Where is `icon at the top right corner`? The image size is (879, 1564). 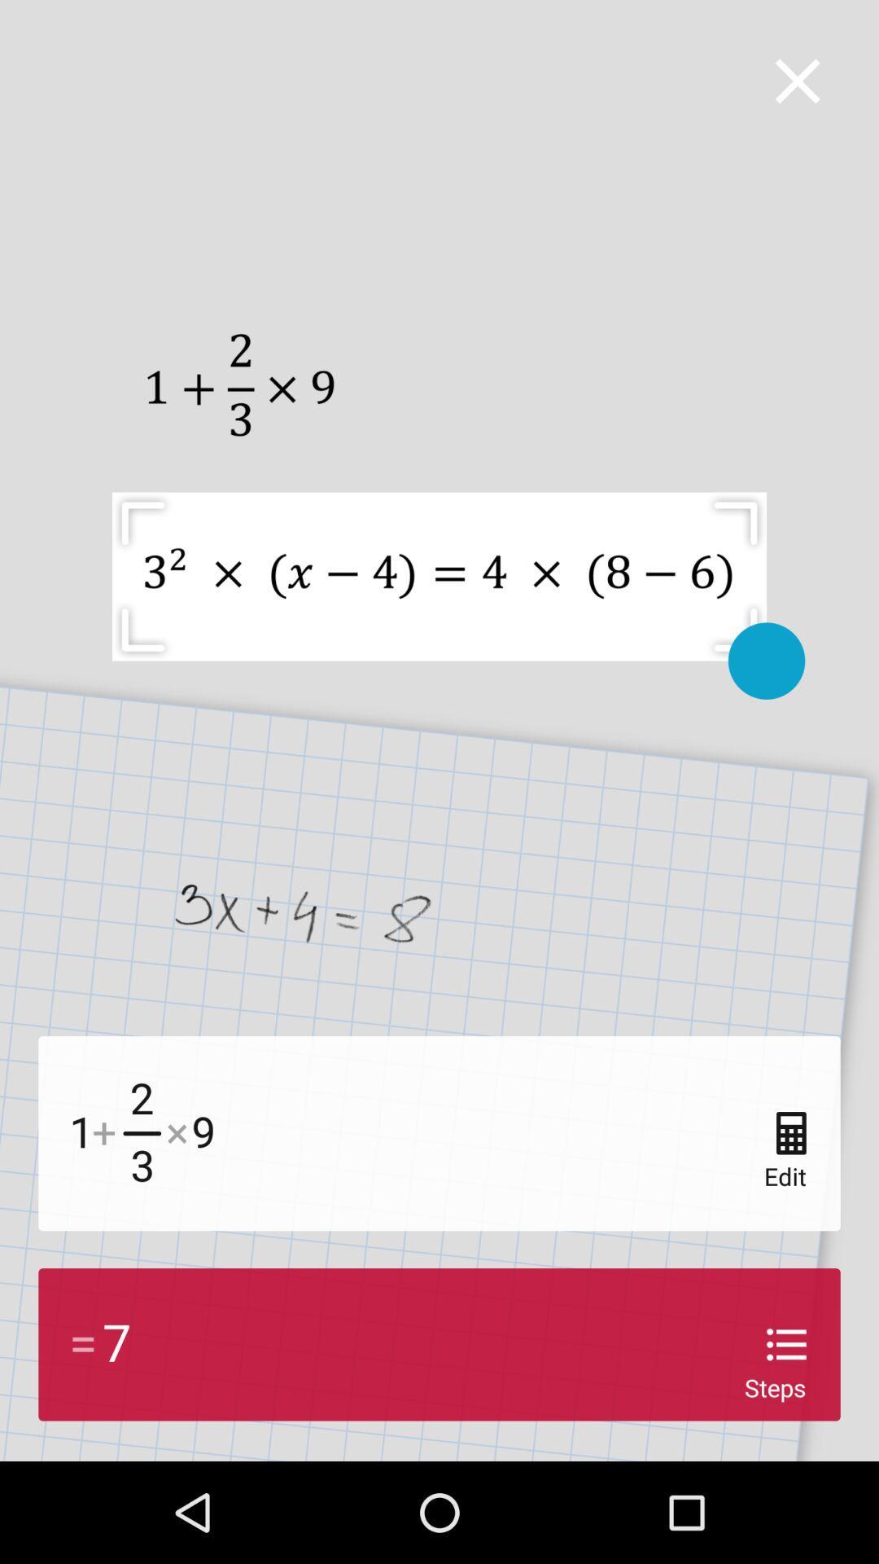 icon at the top right corner is located at coordinates (797, 80).